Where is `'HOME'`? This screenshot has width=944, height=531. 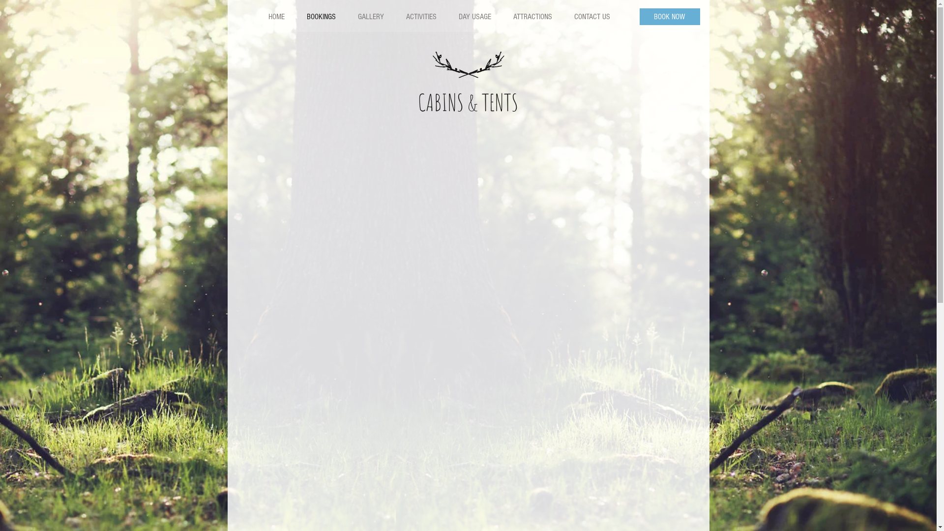 'HOME' is located at coordinates (276, 17).